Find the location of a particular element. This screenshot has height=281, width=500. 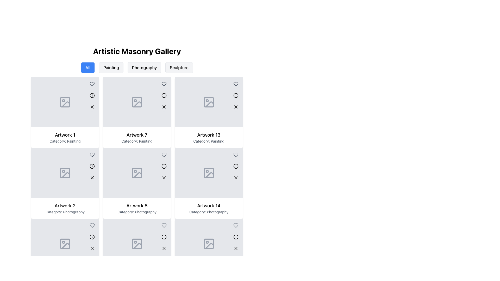

the favorite button located in the top-right corner of the card for 'Artwork 7' to mark the content as a favorite is located at coordinates (164, 154).